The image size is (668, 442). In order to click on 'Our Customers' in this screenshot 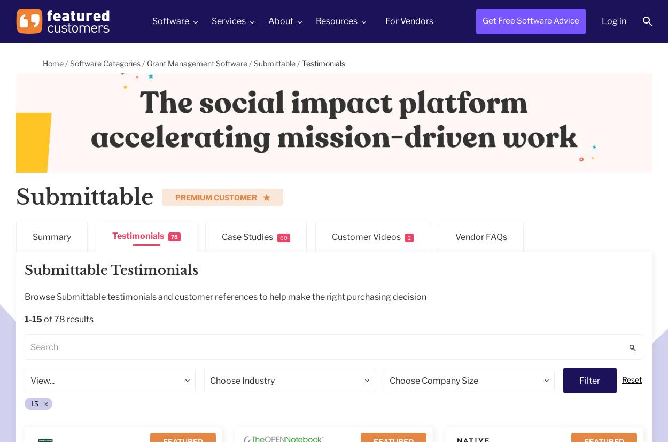, I will do `click(302, 74)`.